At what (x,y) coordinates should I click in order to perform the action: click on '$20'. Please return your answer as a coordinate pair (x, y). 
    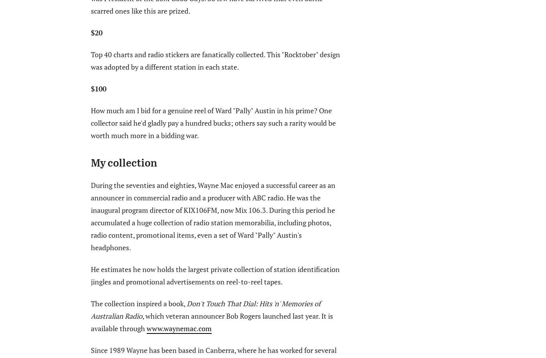
    Looking at the image, I should click on (96, 32).